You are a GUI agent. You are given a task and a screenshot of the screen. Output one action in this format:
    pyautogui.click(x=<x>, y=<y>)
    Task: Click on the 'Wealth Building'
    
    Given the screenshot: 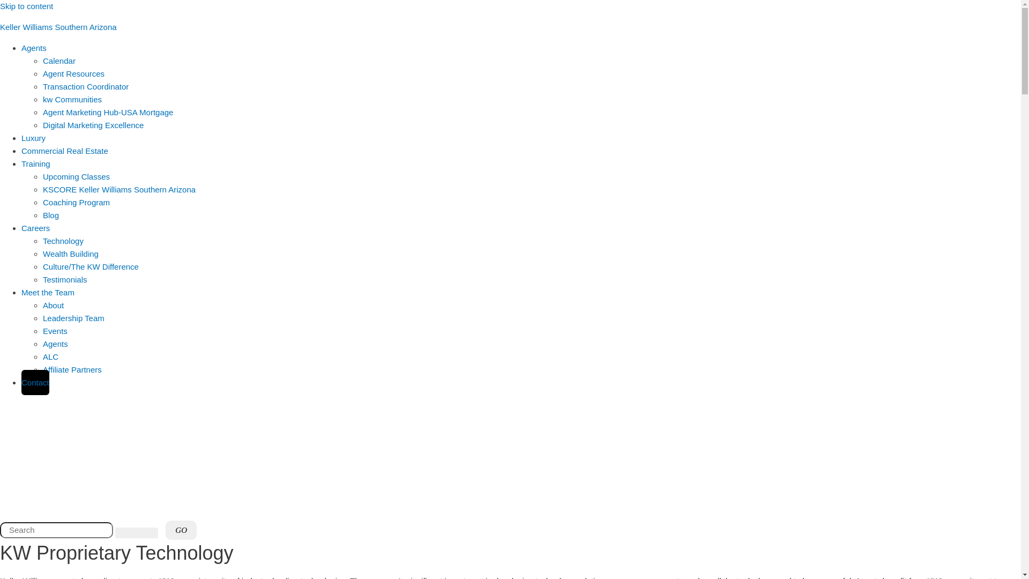 What is the action you would take?
    pyautogui.click(x=43, y=254)
    